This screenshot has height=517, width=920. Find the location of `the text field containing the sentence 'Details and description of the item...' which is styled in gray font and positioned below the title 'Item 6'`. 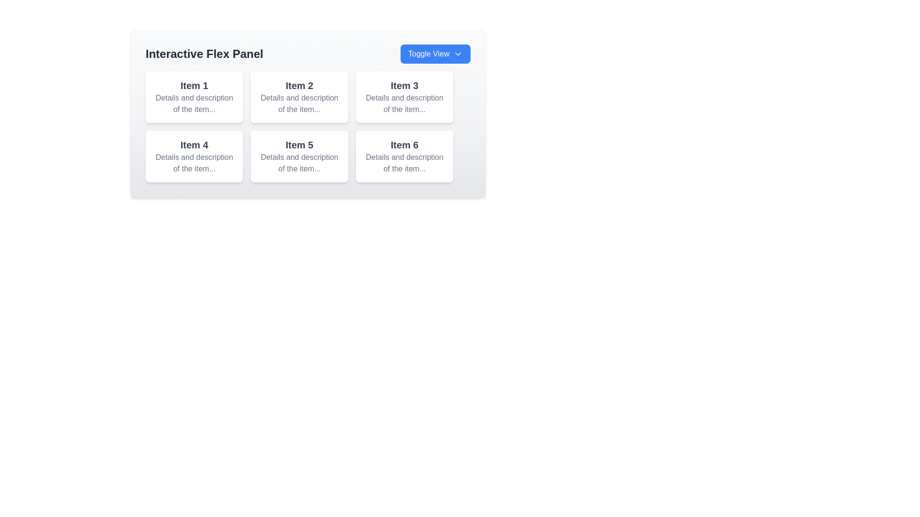

the text field containing the sentence 'Details and description of the item...' which is styled in gray font and positioned below the title 'Item 6' is located at coordinates (404, 162).